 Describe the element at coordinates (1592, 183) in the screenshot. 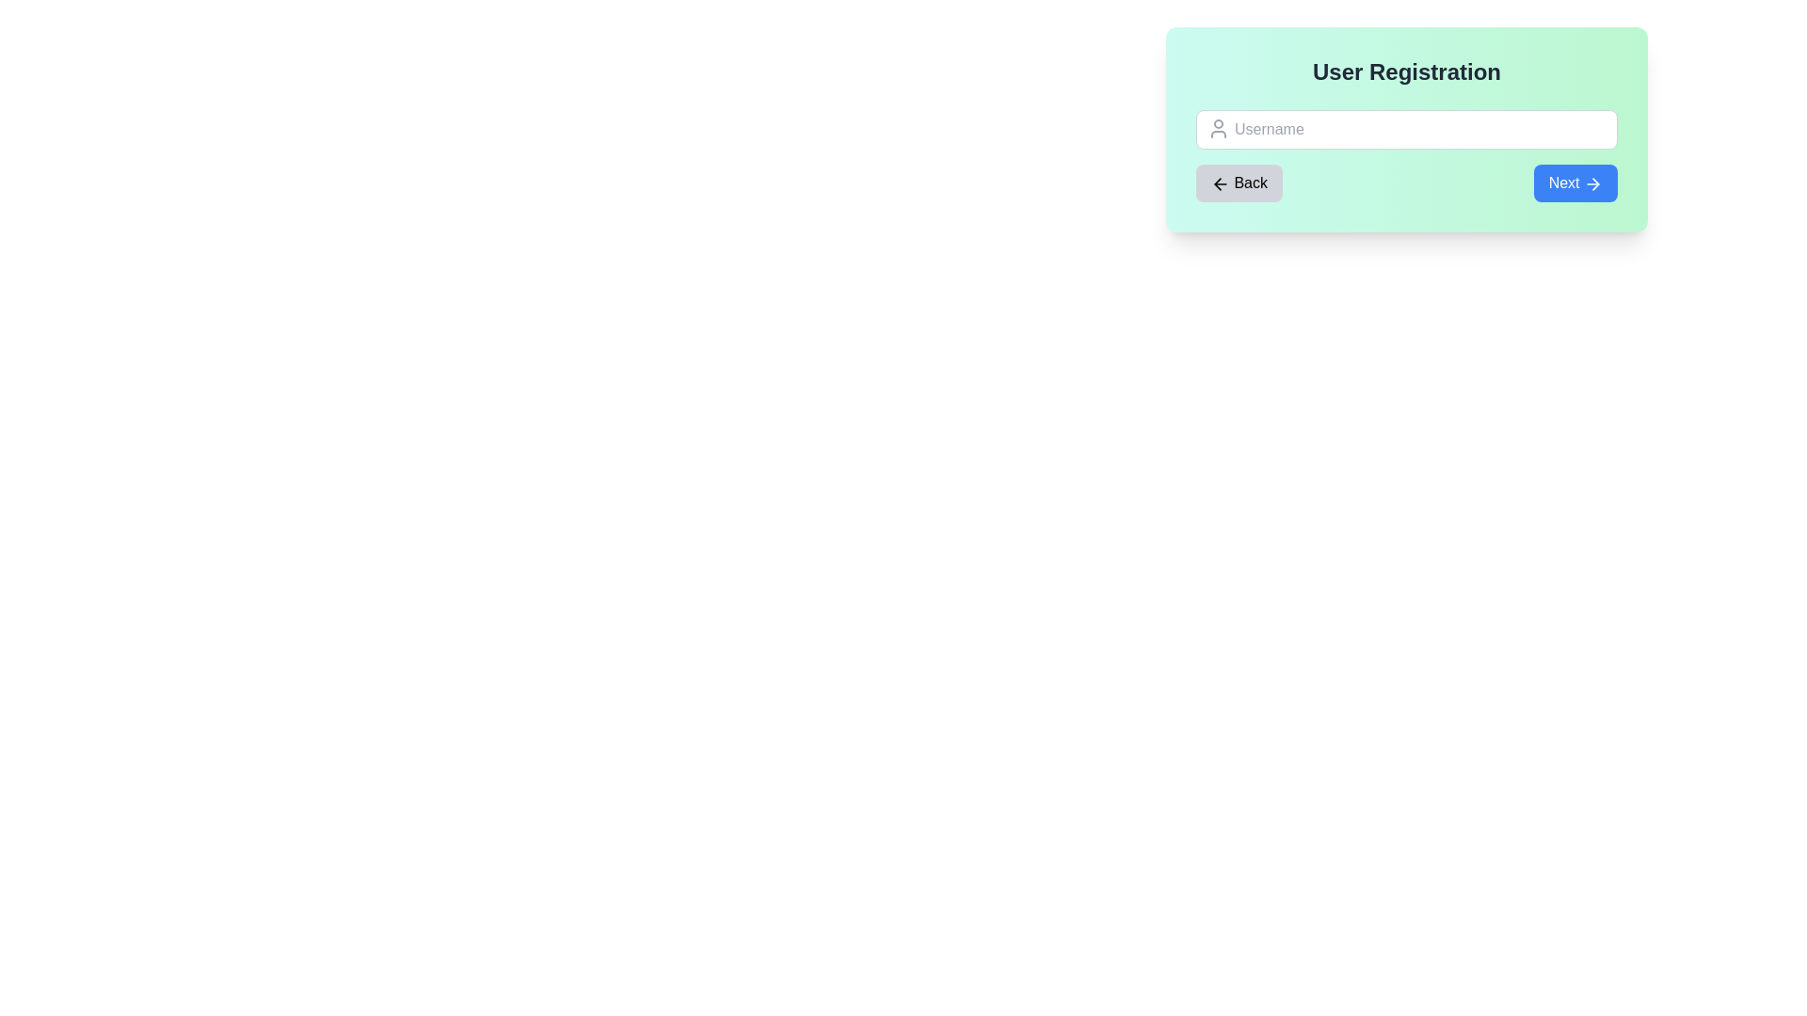

I see `the right-pointing arrow icon within the 'Next' button located in the bottom right corner of the modal interface` at that location.